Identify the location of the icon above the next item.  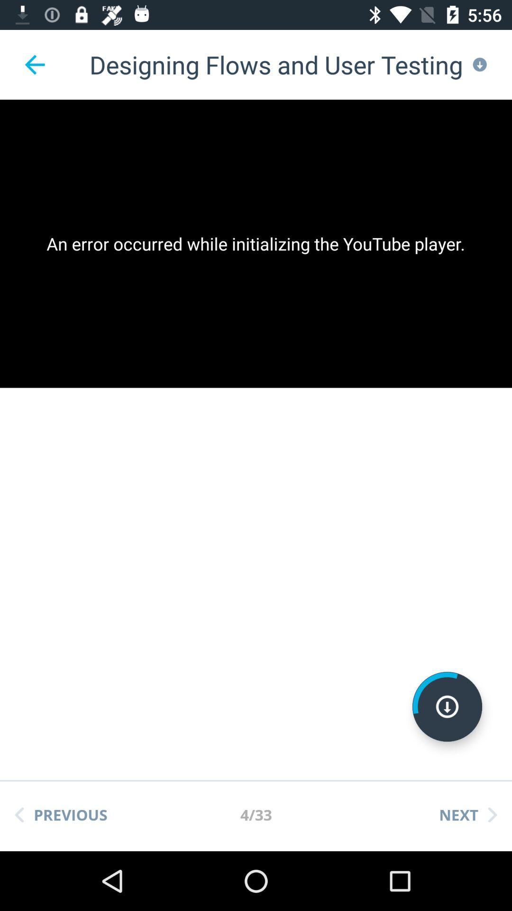
(447, 706).